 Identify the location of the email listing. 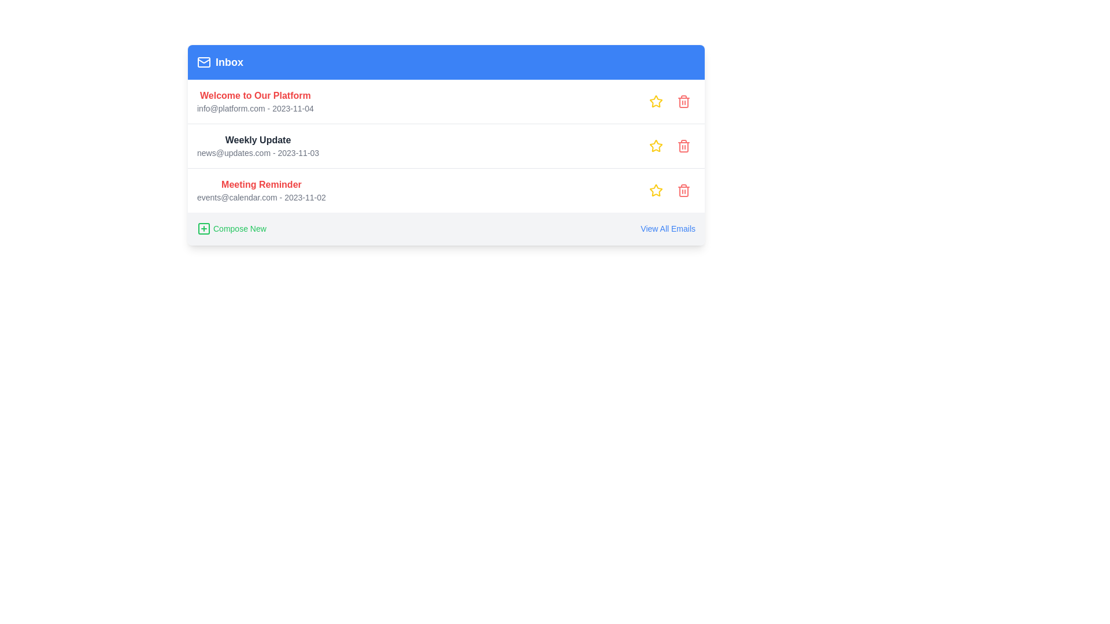
(261, 190).